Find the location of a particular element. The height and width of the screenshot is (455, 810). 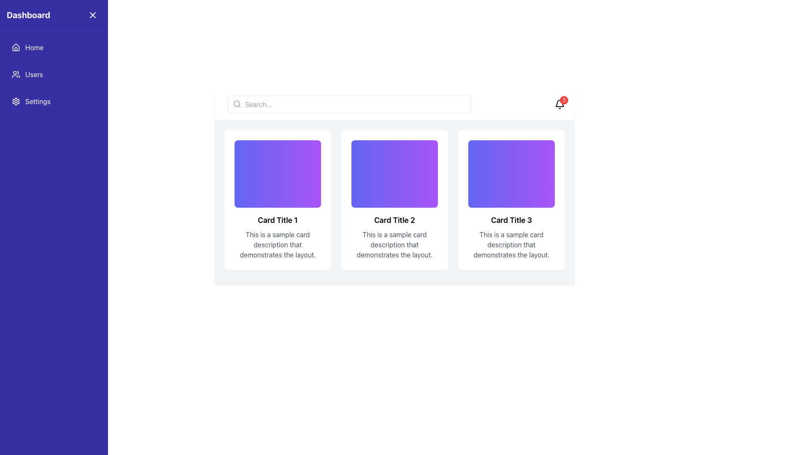

the 'Home' icon in the sidebar, which visually represents the concept of 'Home' and is positioned above the 'Users' and 'Settings' options is located at coordinates (16, 47).